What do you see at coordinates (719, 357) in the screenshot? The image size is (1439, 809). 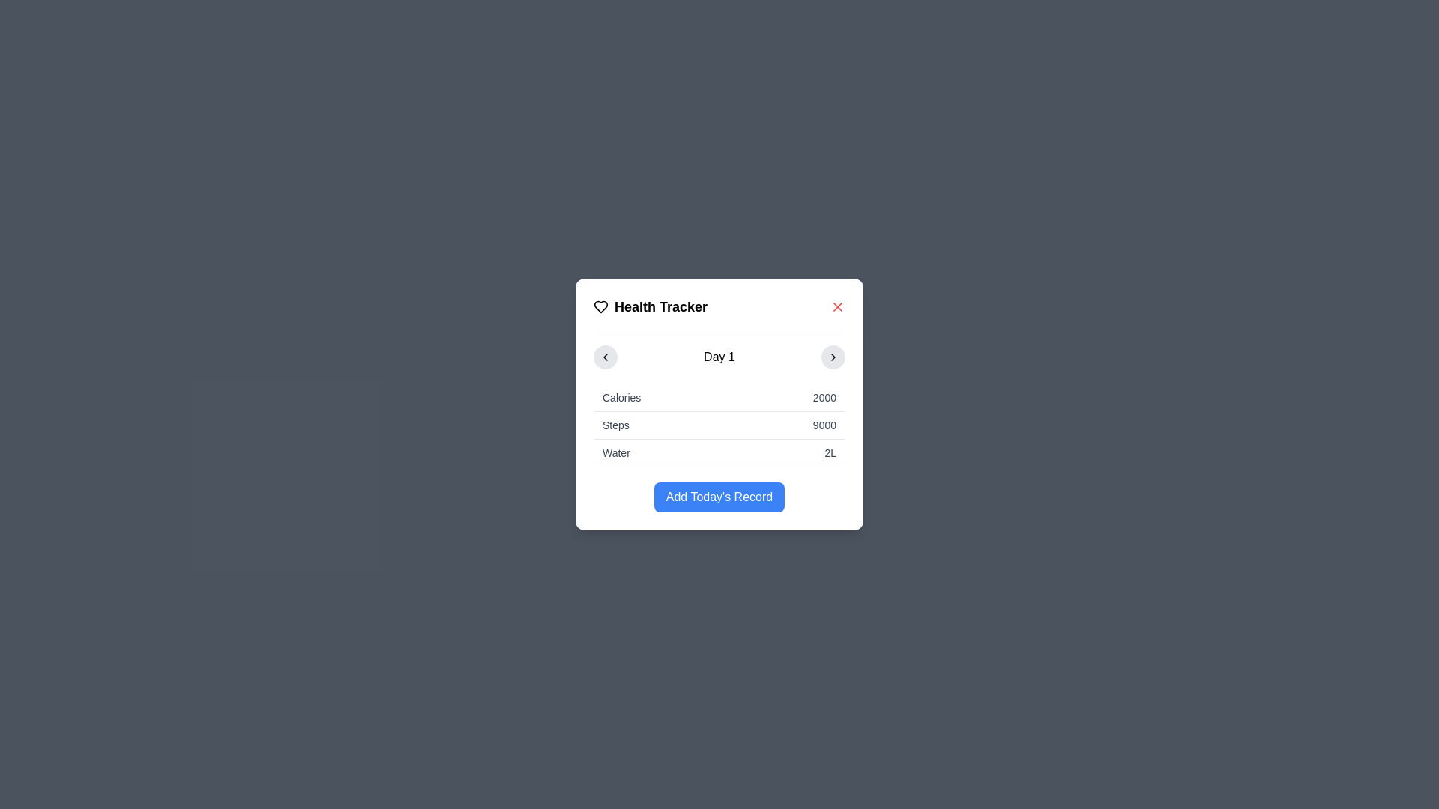 I see `the text label displaying 'Day 1', which is centrally positioned in the navigation layout and flanked by two circular arrow icons` at bounding box center [719, 357].